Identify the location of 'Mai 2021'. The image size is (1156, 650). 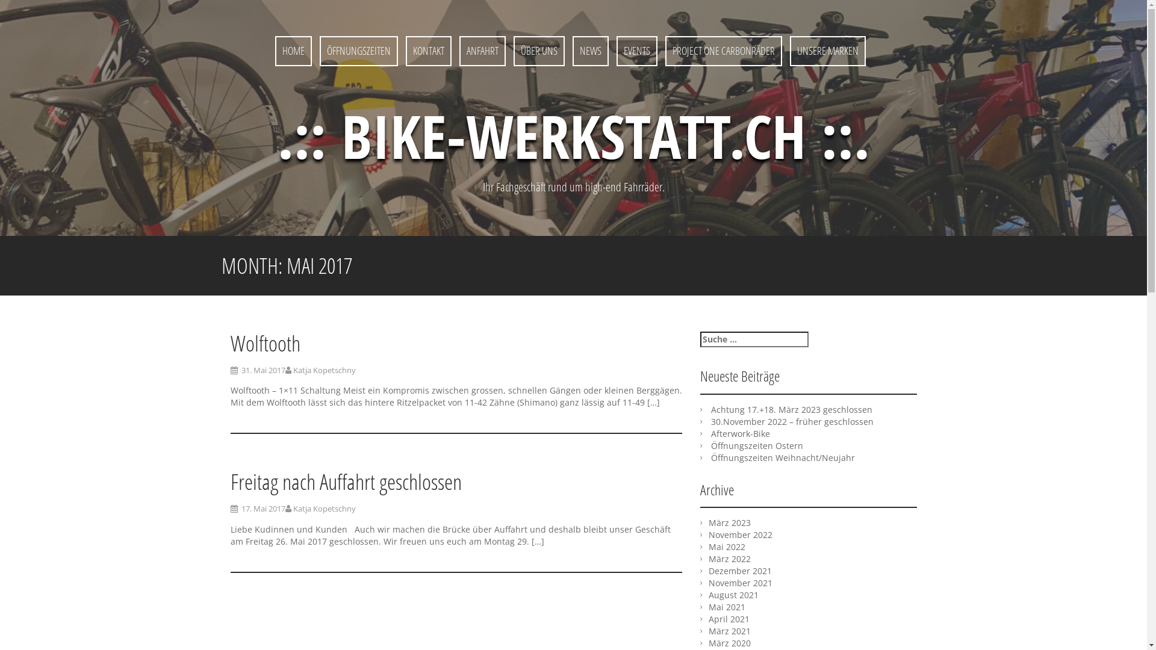
(708, 607).